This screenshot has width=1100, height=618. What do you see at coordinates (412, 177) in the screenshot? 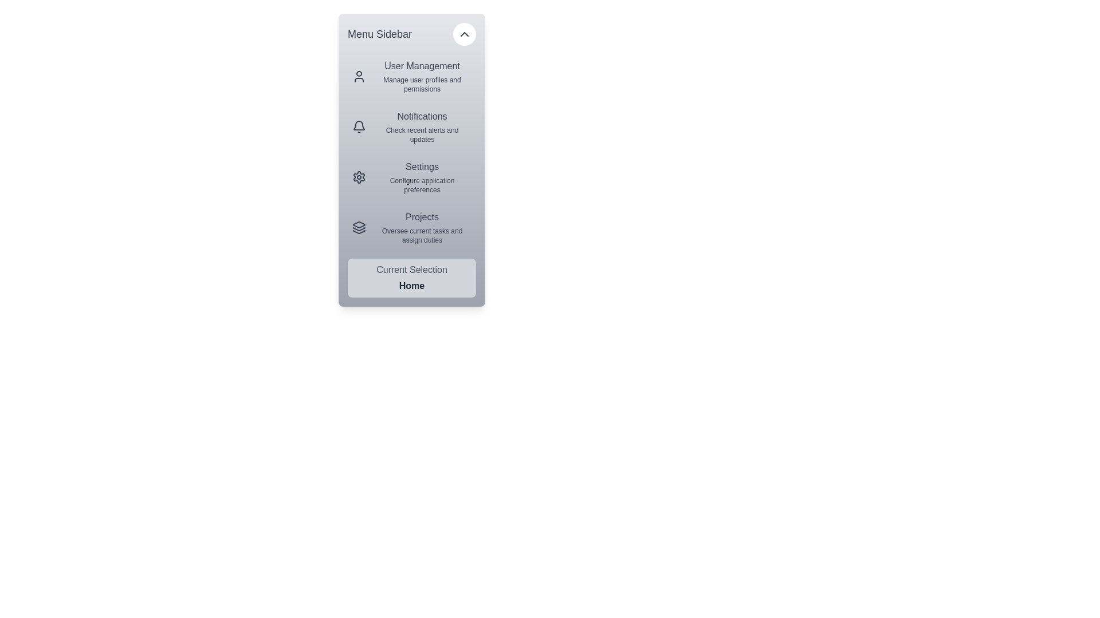
I see `the third item in the Sidebar menu, which provides access to settings functionality` at bounding box center [412, 177].